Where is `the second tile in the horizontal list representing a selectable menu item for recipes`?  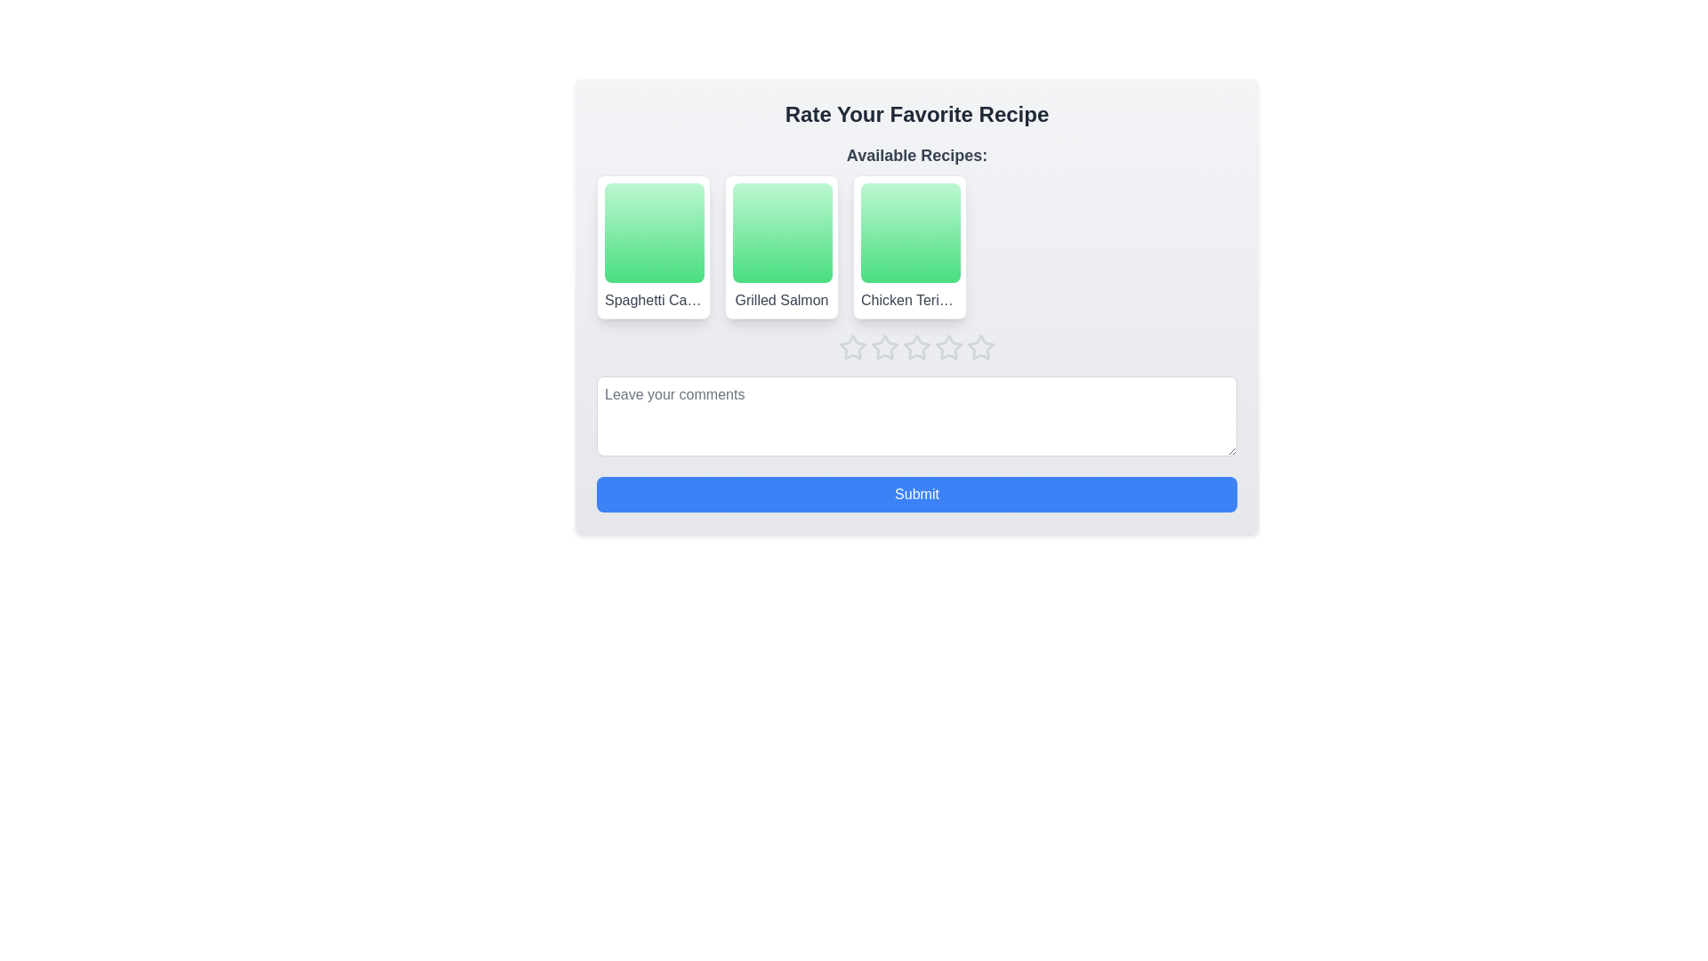 the second tile in the horizontal list representing a selectable menu item for recipes is located at coordinates (781, 246).